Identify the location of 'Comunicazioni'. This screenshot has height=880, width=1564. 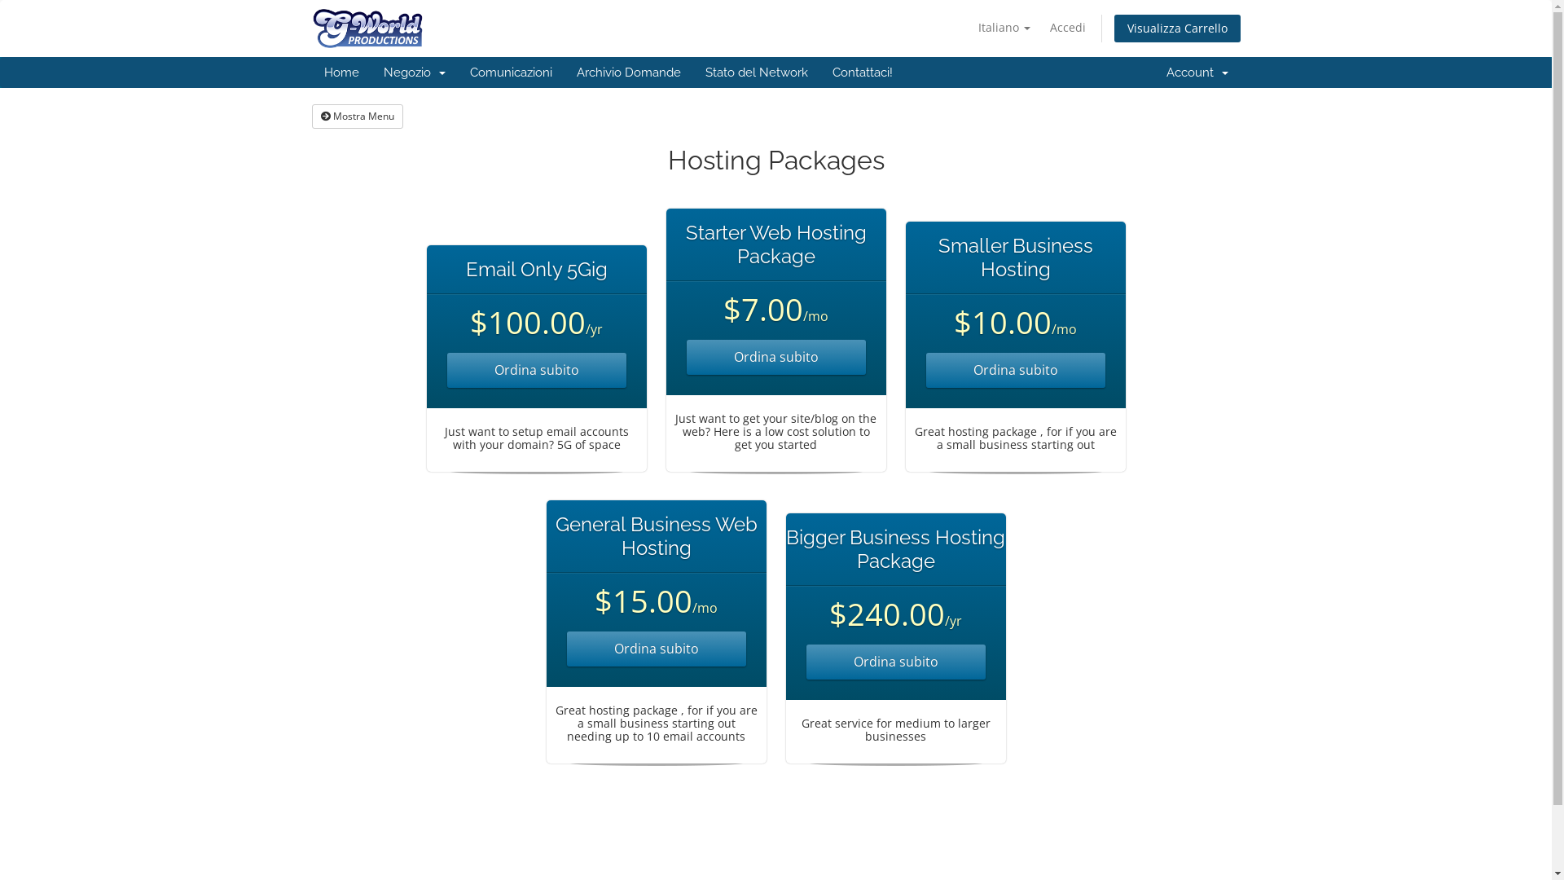
(510, 71).